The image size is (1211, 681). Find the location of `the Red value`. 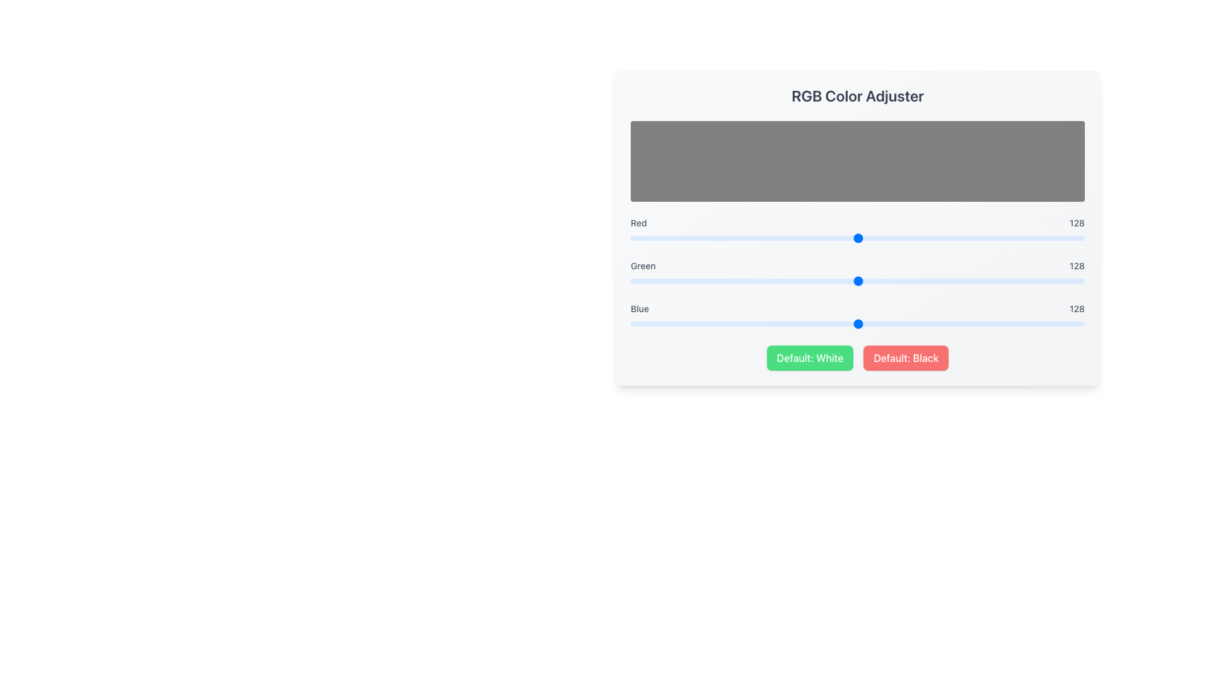

the Red value is located at coordinates (899, 238).